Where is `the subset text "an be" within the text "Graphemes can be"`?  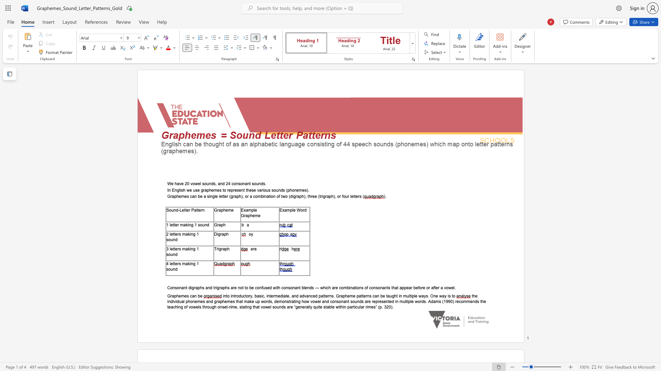
the subset text "an be" within the text "Graphemes can be" is located at coordinates (192, 295).